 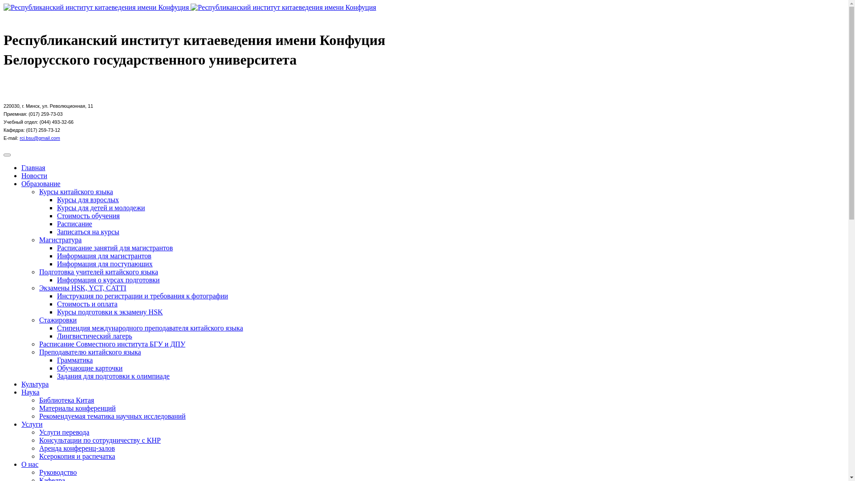 What do you see at coordinates (39, 138) in the screenshot?
I see `'rci.bsu@gmail.com'` at bounding box center [39, 138].